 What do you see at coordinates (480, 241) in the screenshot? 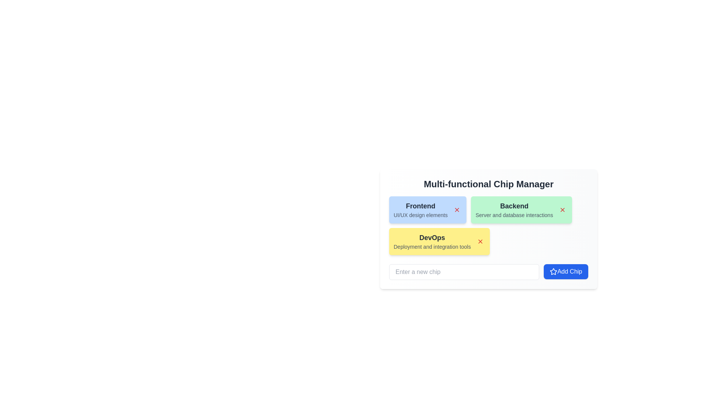
I see `the close/dismiss icon resembling an 'X' shape located in the top-right corner of the yellow 'DevOps' chip` at bounding box center [480, 241].